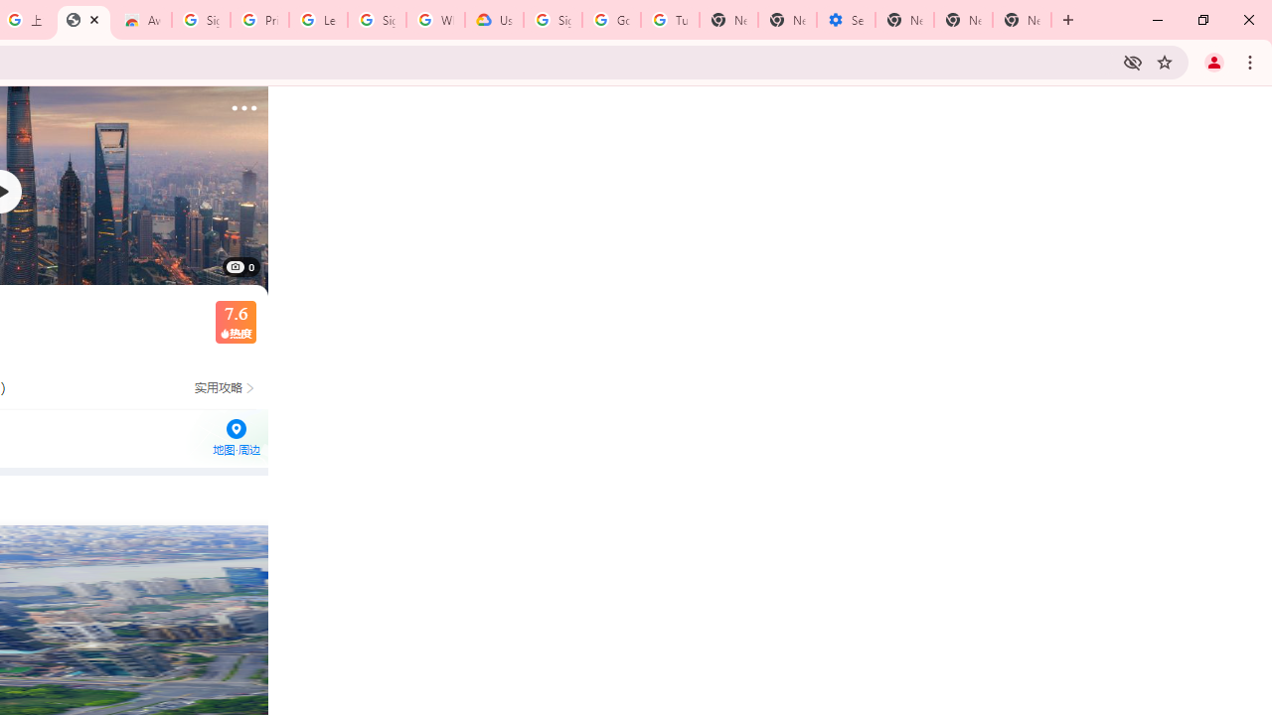 Image resolution: width=1272 pixels, height=715 pixels. What do you see at coordinates (903, 20) in the screenshot?
I see `'New Tab'` at bounding box center [903, 20].